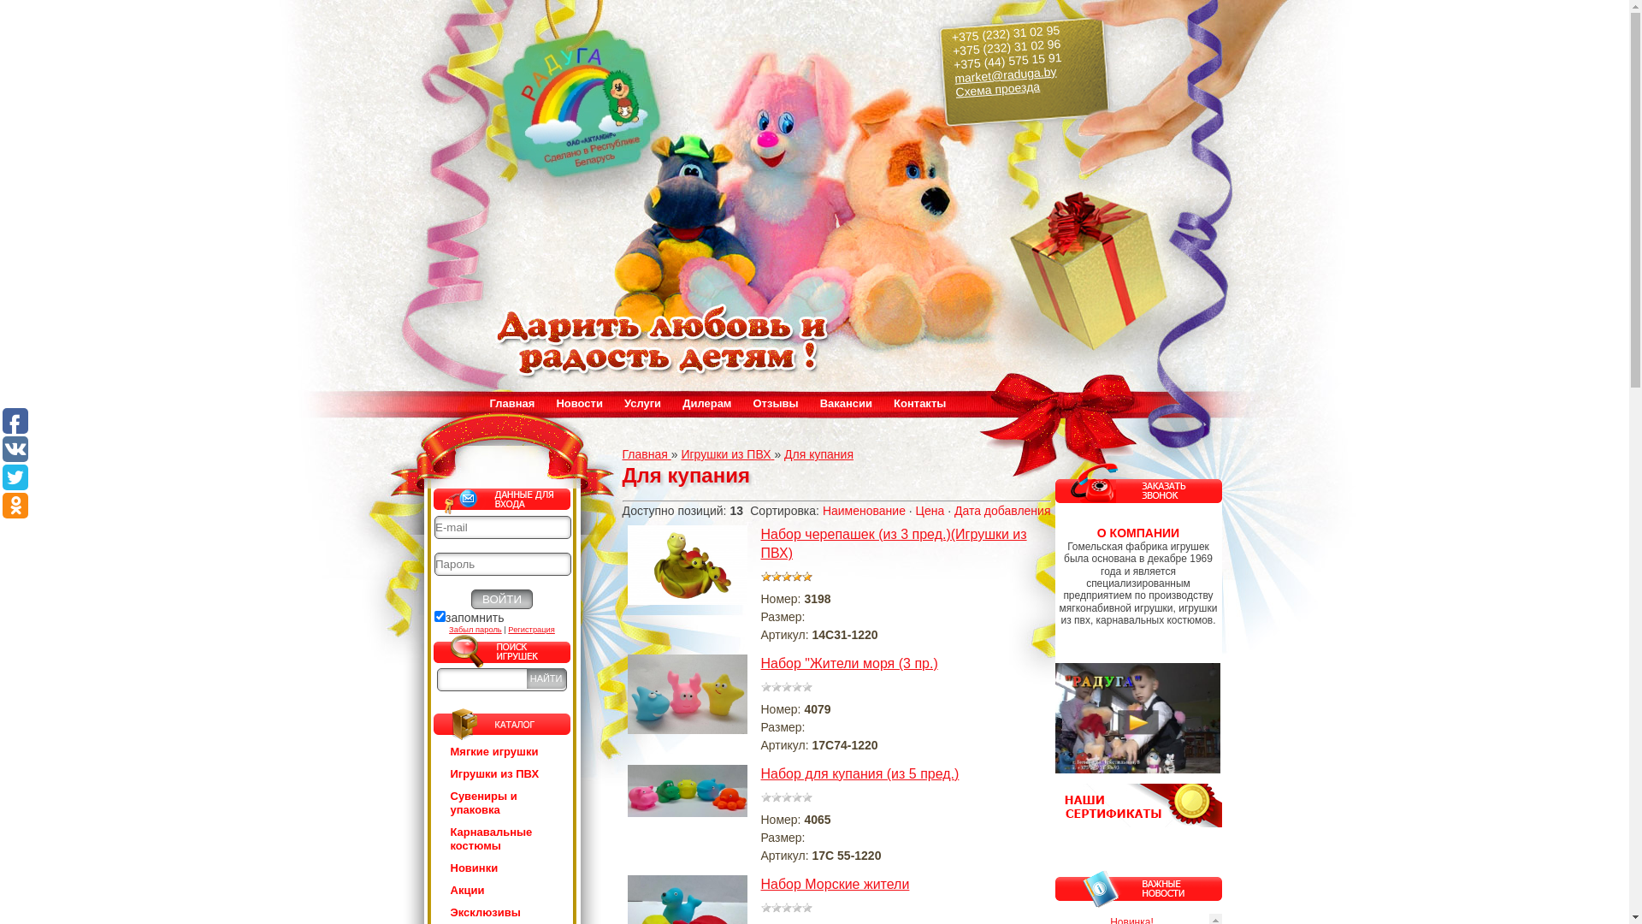  What do you see at coordinates (952, 70) in the screenshot?
I see `'market@raduga.by'` at bounding box center [952, 70].